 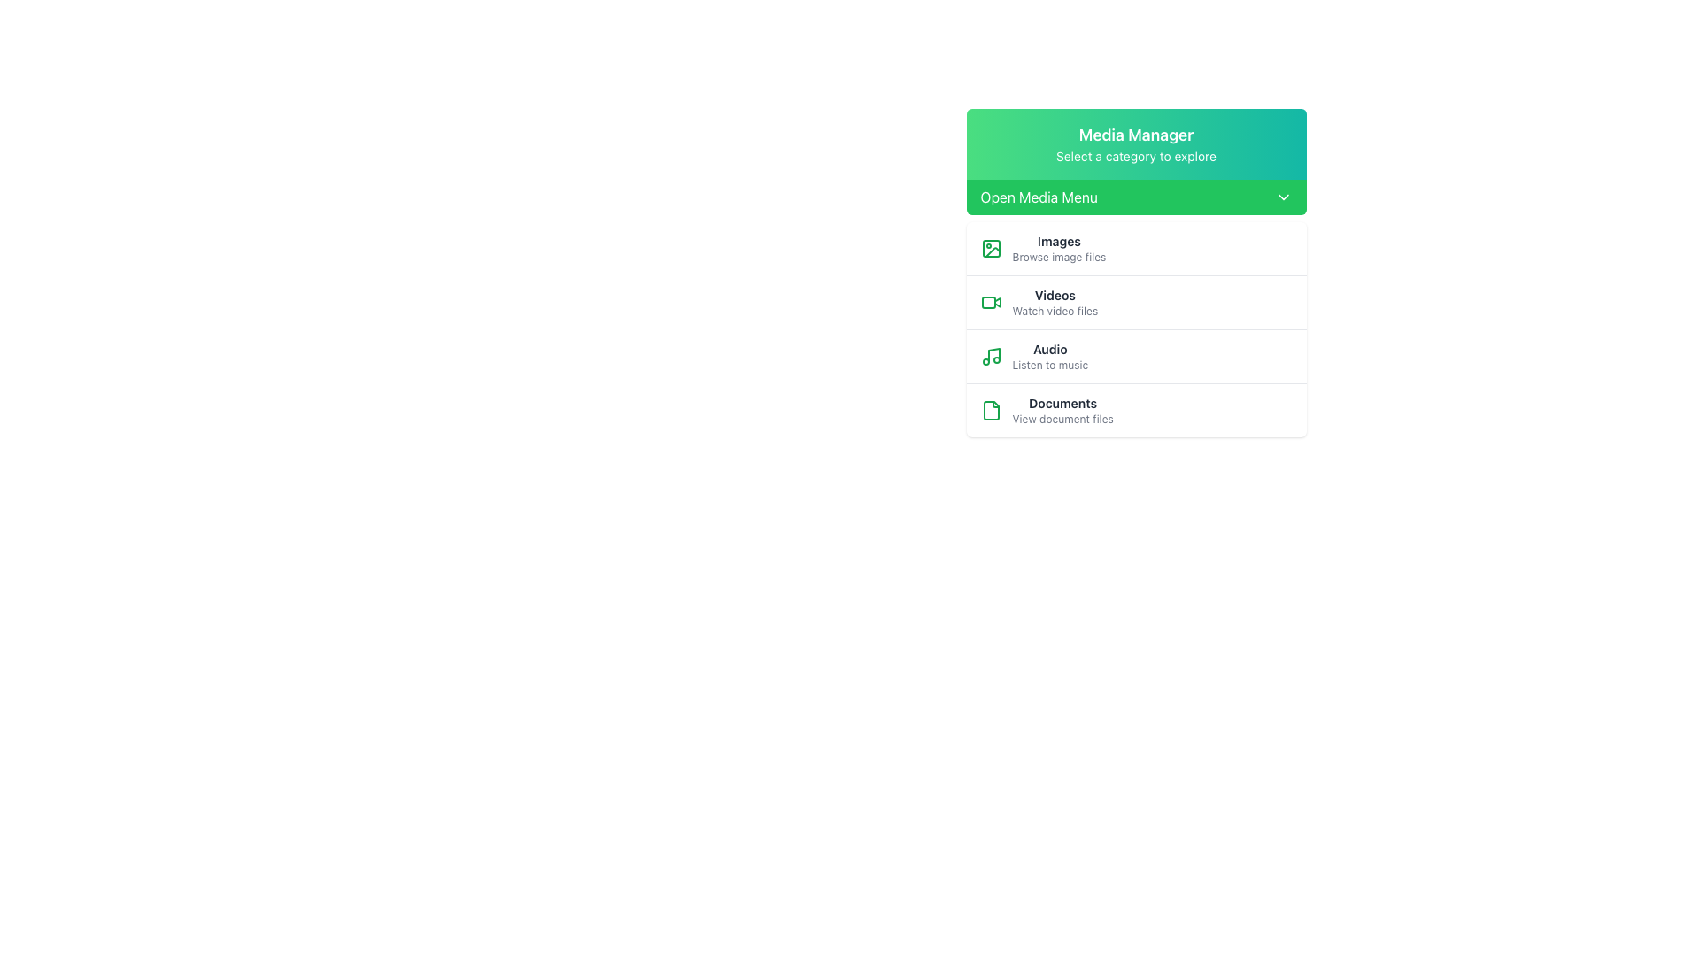 I want to click on the 'Images' category icon located in the first item of the vertical list under the 'Media Manager' section, so click(x=990, y=249).